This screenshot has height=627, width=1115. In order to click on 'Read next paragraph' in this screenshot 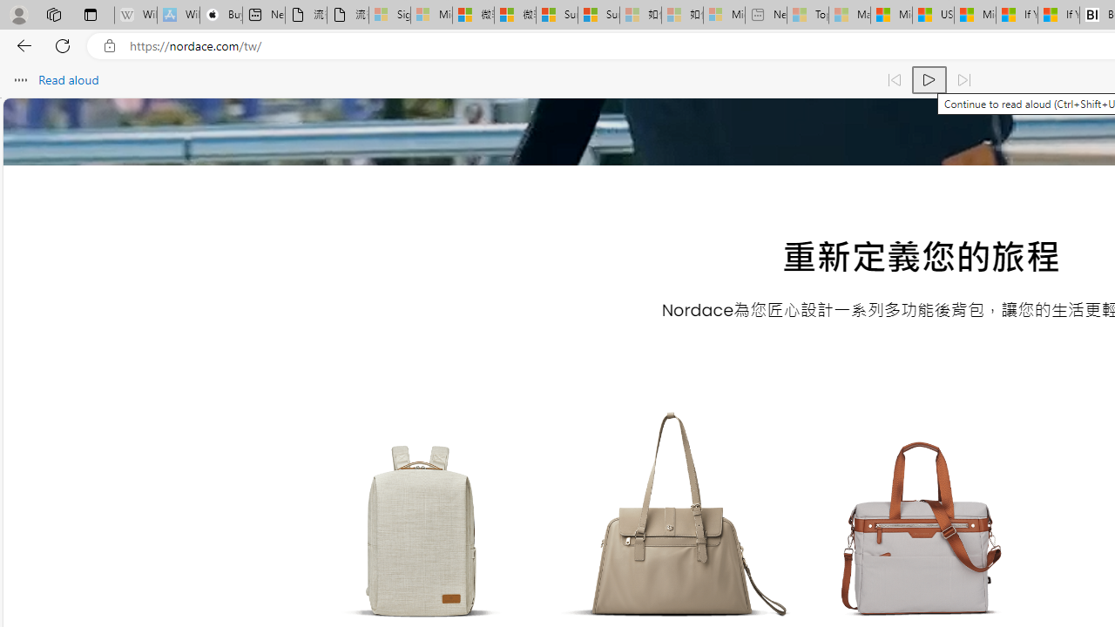, I will do `click(962, 80)`.